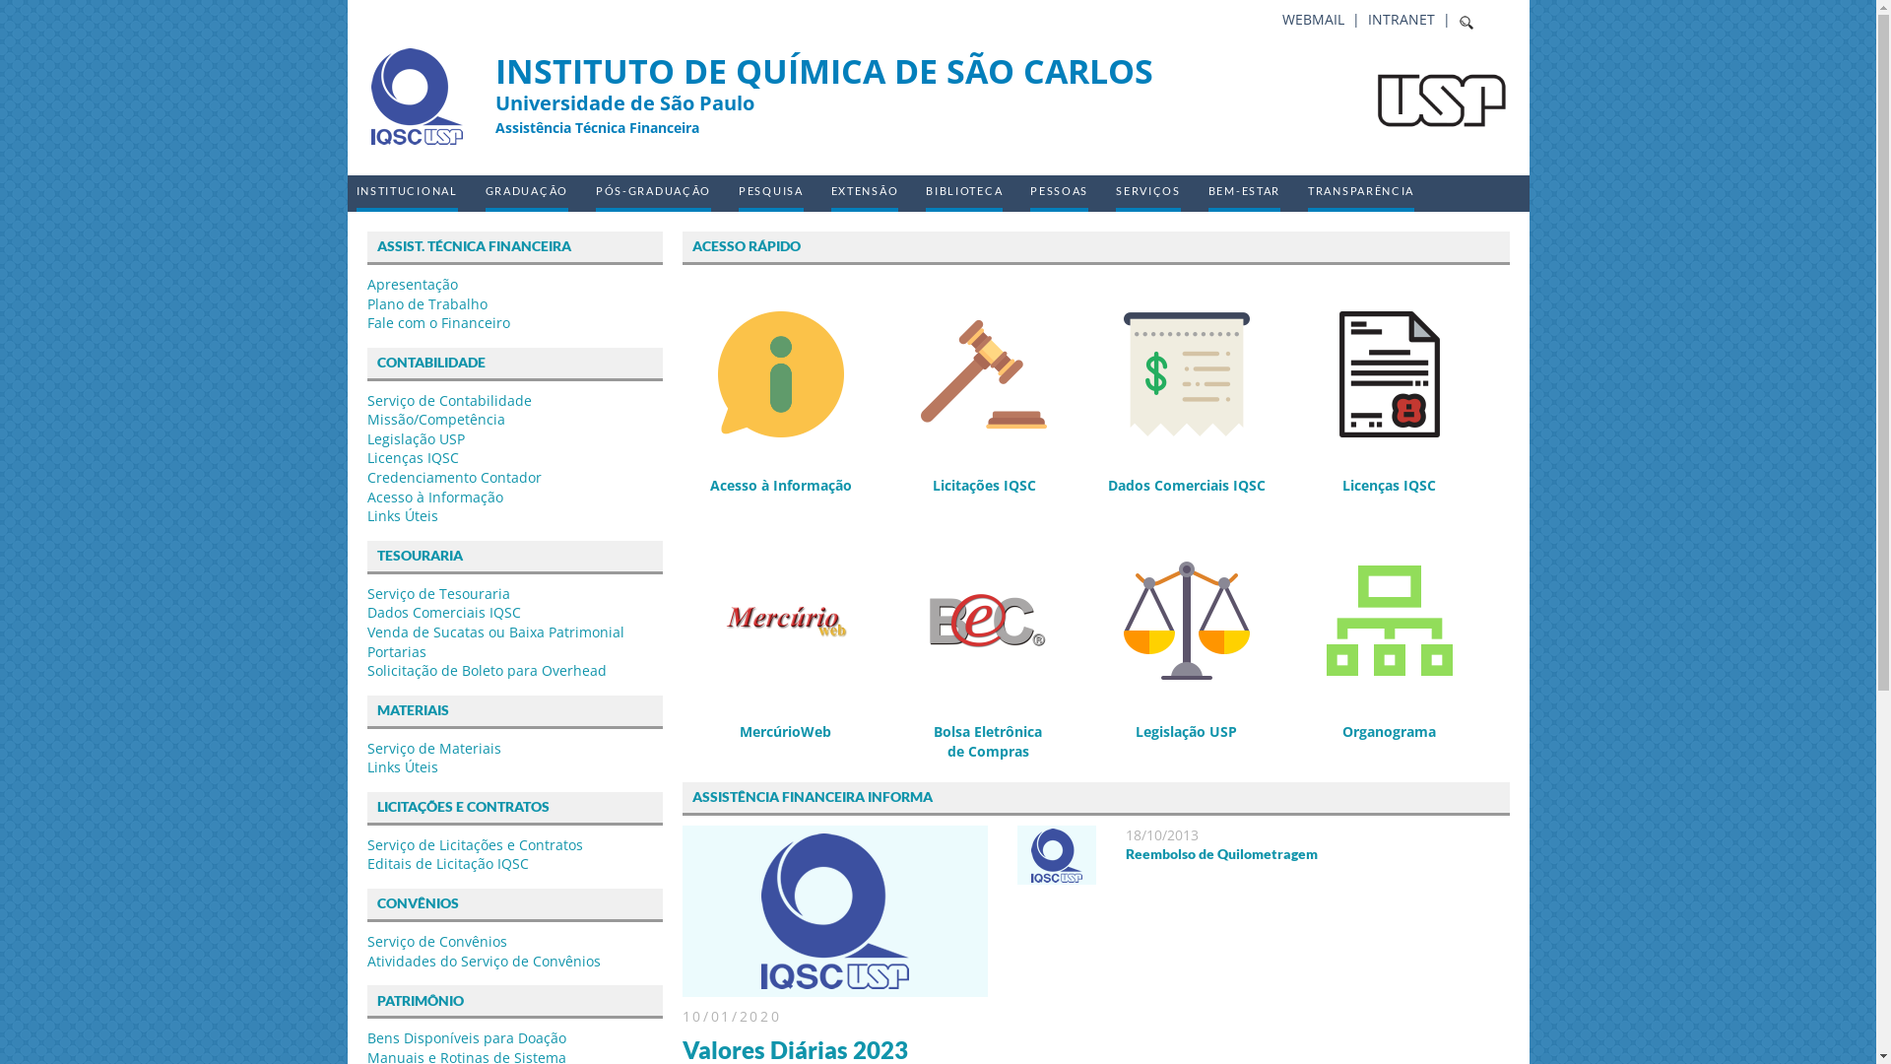  I want to click on 'Plano de Trabalho', so click(424, 303).